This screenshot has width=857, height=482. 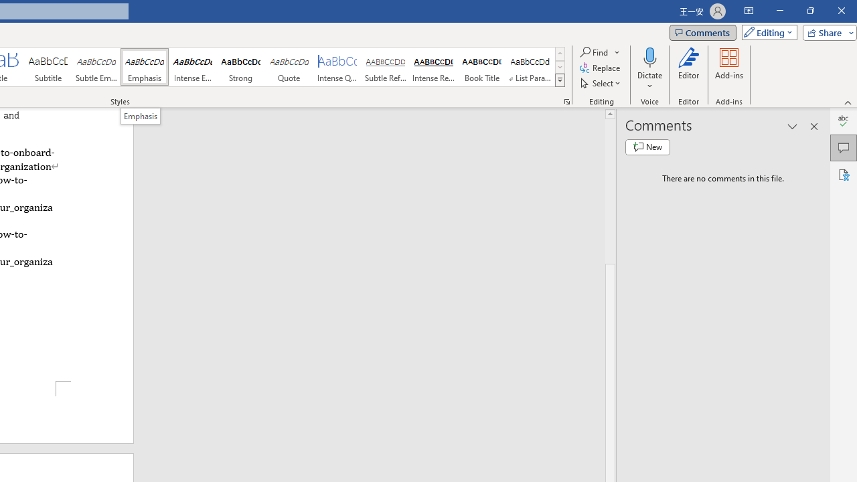 What do you see at coordinates (647, 147) in the screenshot?
I see `'New comment'` at bounding box center [647, 147].